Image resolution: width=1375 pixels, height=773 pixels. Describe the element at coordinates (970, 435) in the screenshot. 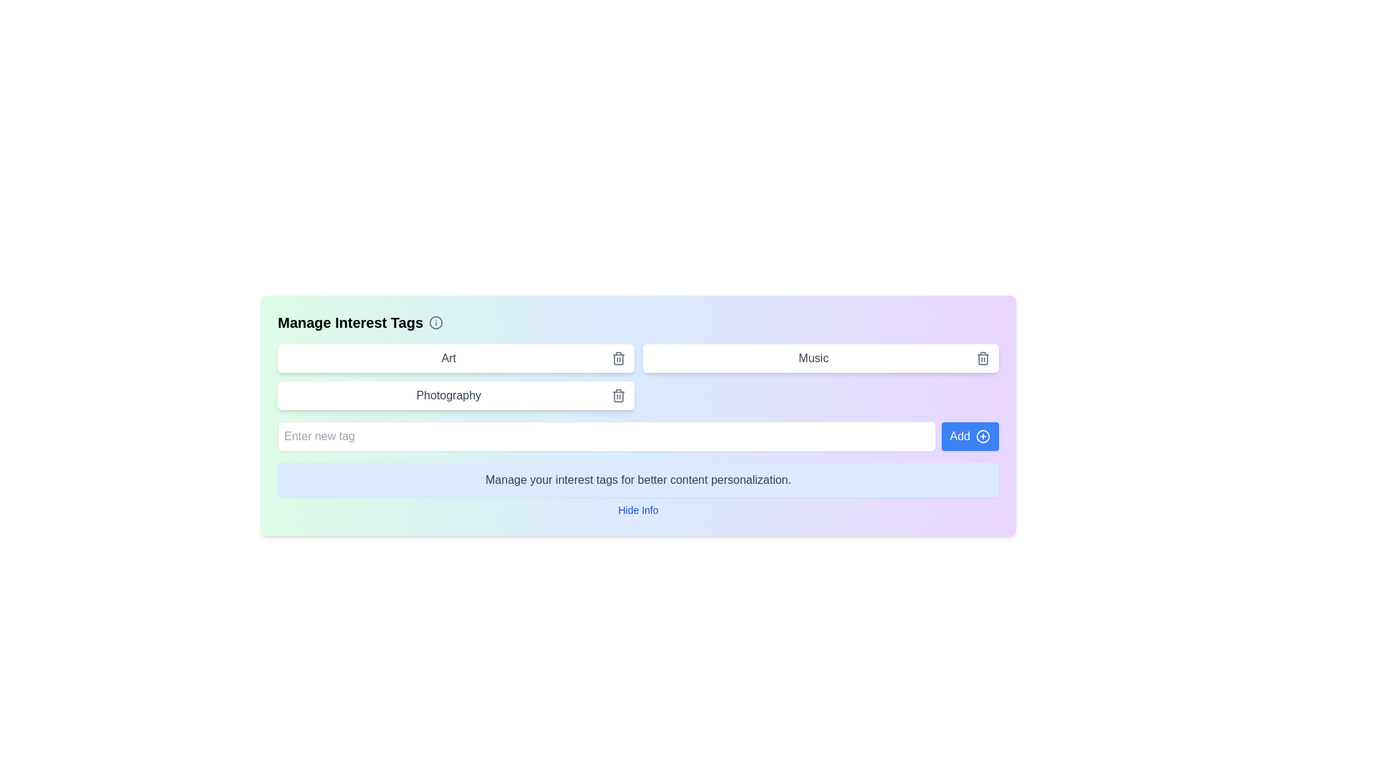

I see `the rounded rectangular blue button labeled 'Add' with a plus sign icon` at that location.